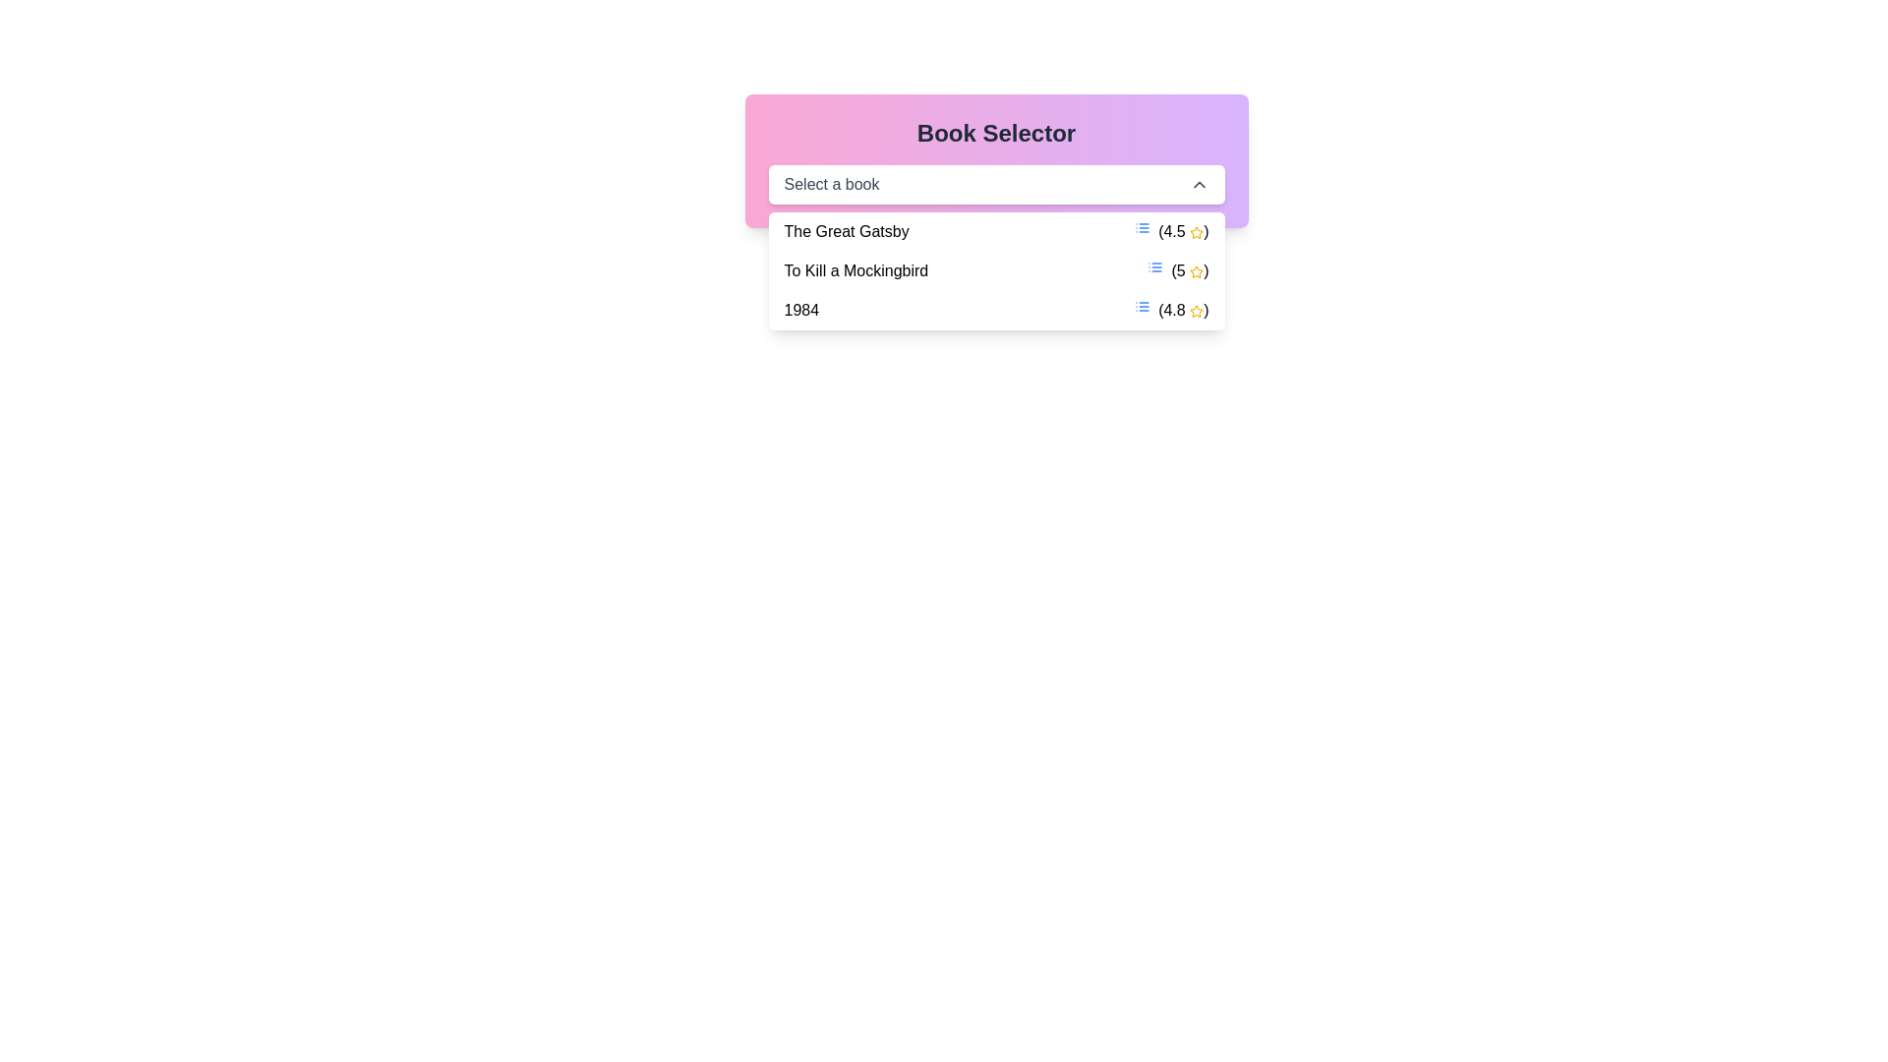 The image size is (1888, 1062). I want to click on the rating indicator icon for 'The Great Gatsby' positioned to the right of the rating text '(4.5)' in the Book Selector dropdown, so click(1196, 231).